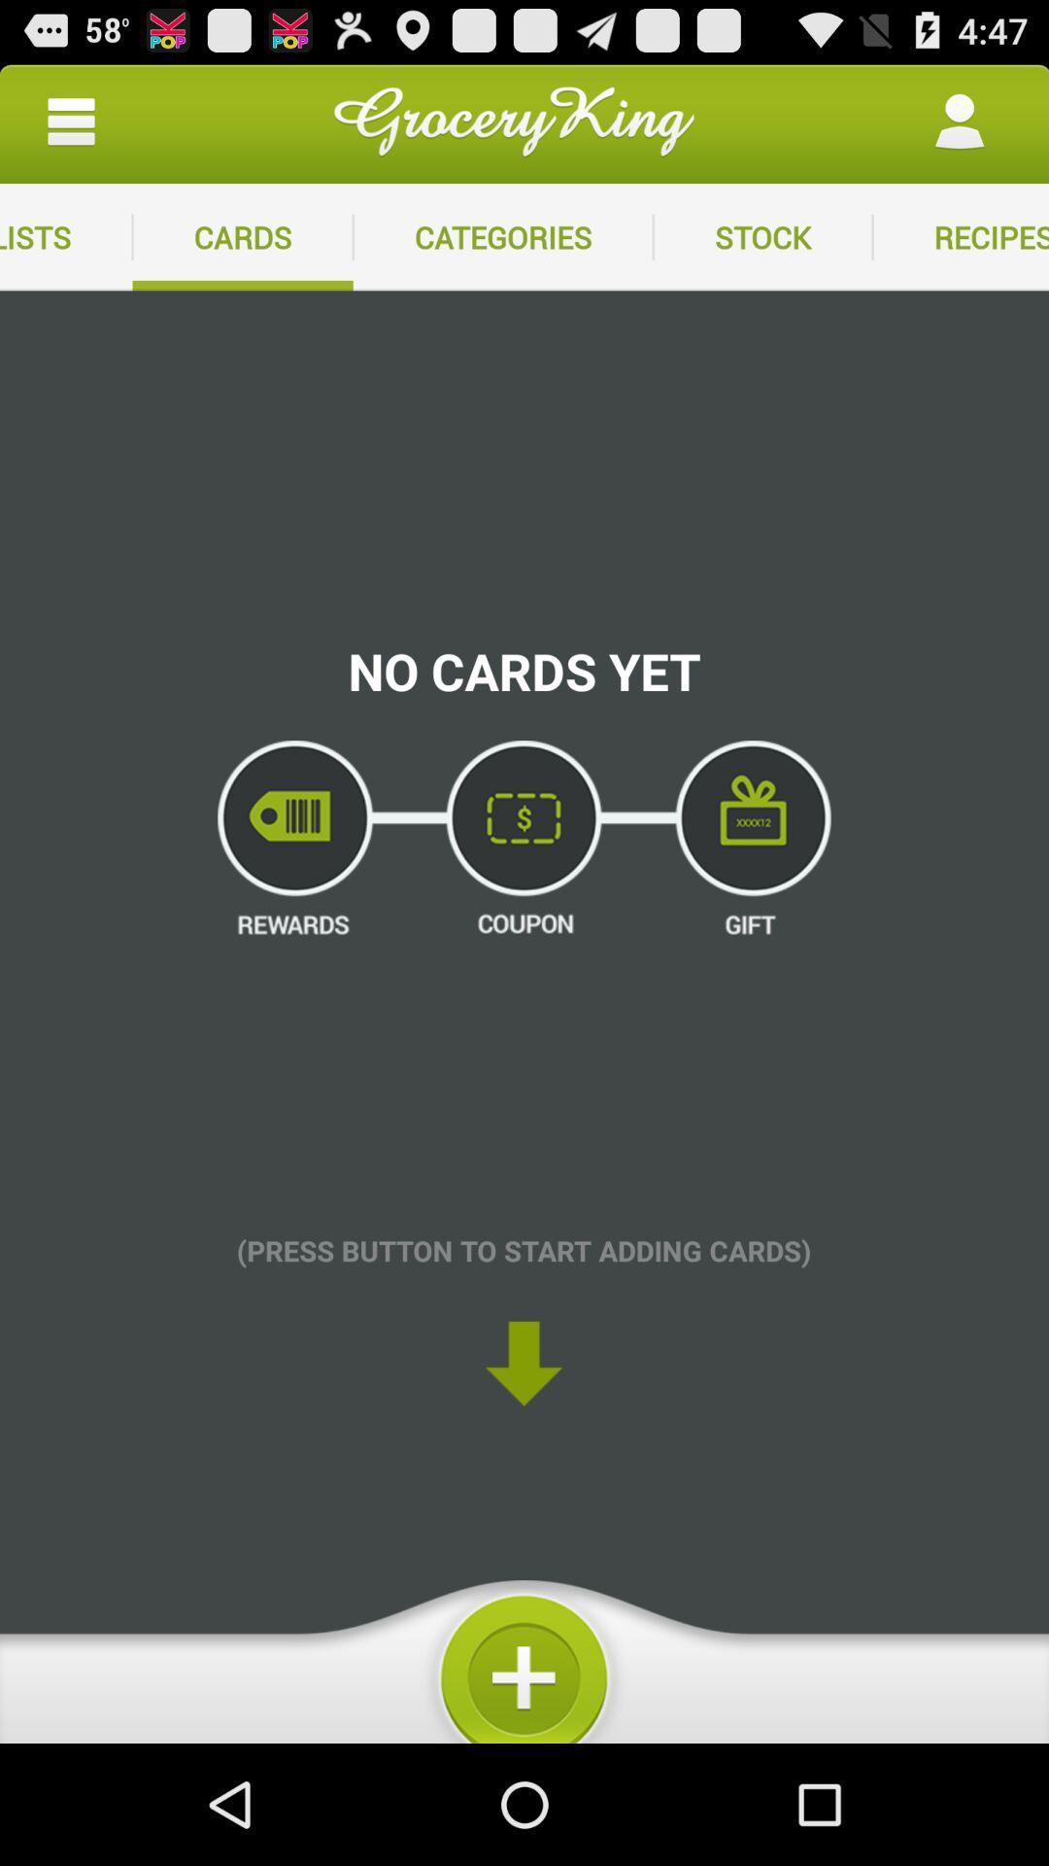 The width and height of the screenshot is (1049, 1866). What do you see at coordinates (761, 236) in the screenshot?
I see `stock item` at bounding box center [761, 236].